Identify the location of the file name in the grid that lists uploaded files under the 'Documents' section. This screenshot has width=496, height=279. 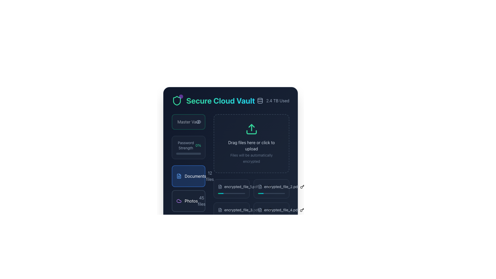
(251, 200).